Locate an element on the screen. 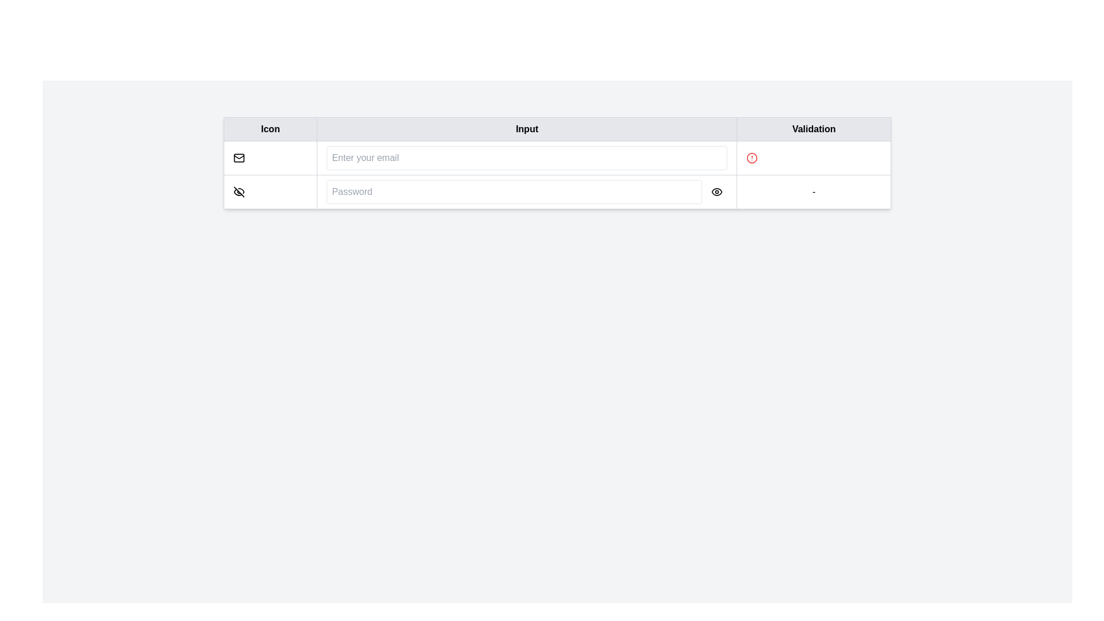 The width and height of the screenshot is (1104, 621). the eye-shaped icon button located to the right of the password input field is located at coordinates (716, 191).